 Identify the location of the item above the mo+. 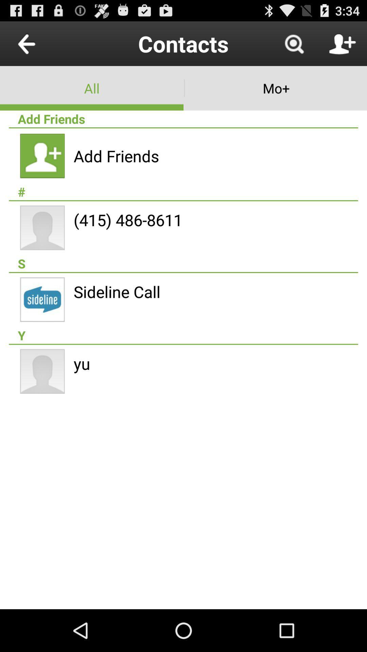
(294, 43).